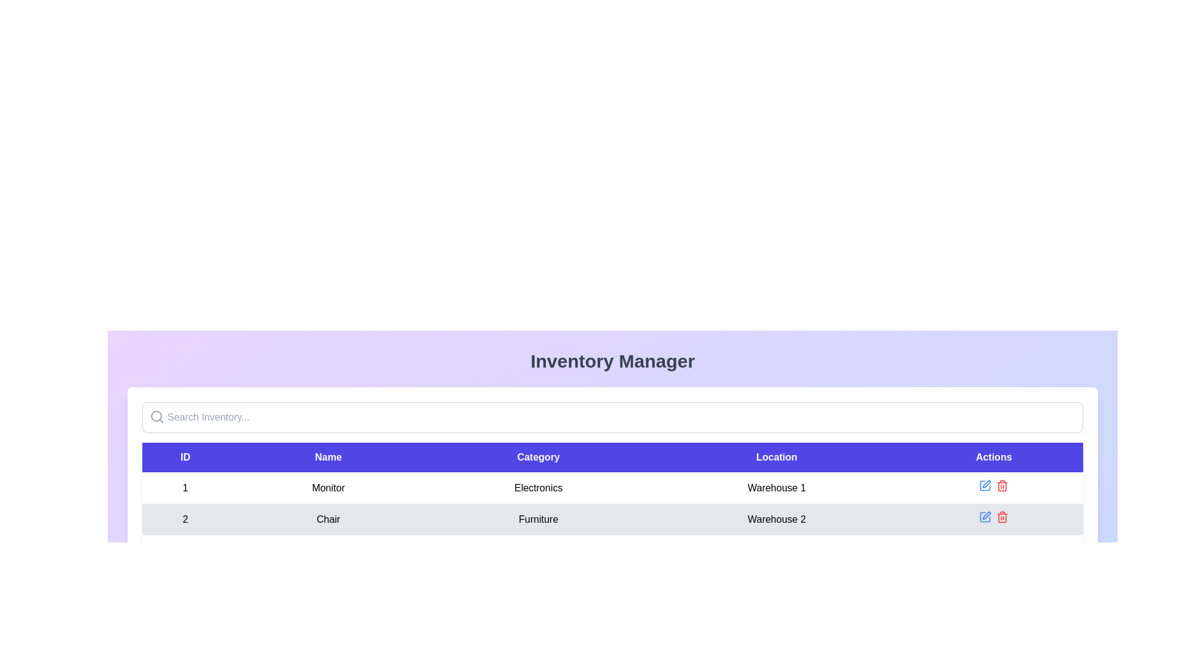 This screenshot has height=665, width=1183. I want to click on the editing icon in the 'Actions' column of the second row for the 'Chair' entry, so click(986, 515).